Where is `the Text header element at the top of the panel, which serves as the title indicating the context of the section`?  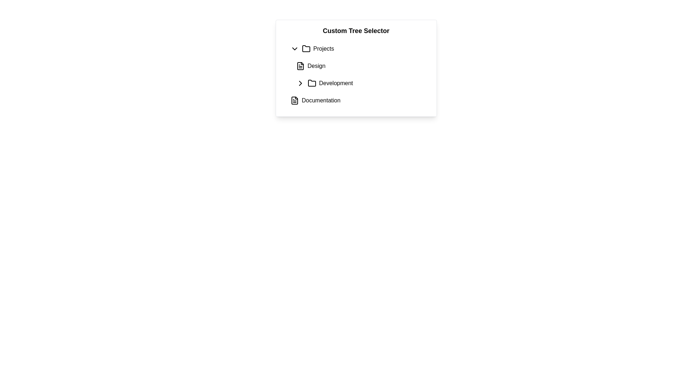
the Text header element at the top of the panel, which serves as the title indicating the context of the section is located at coordinates (356, 30).